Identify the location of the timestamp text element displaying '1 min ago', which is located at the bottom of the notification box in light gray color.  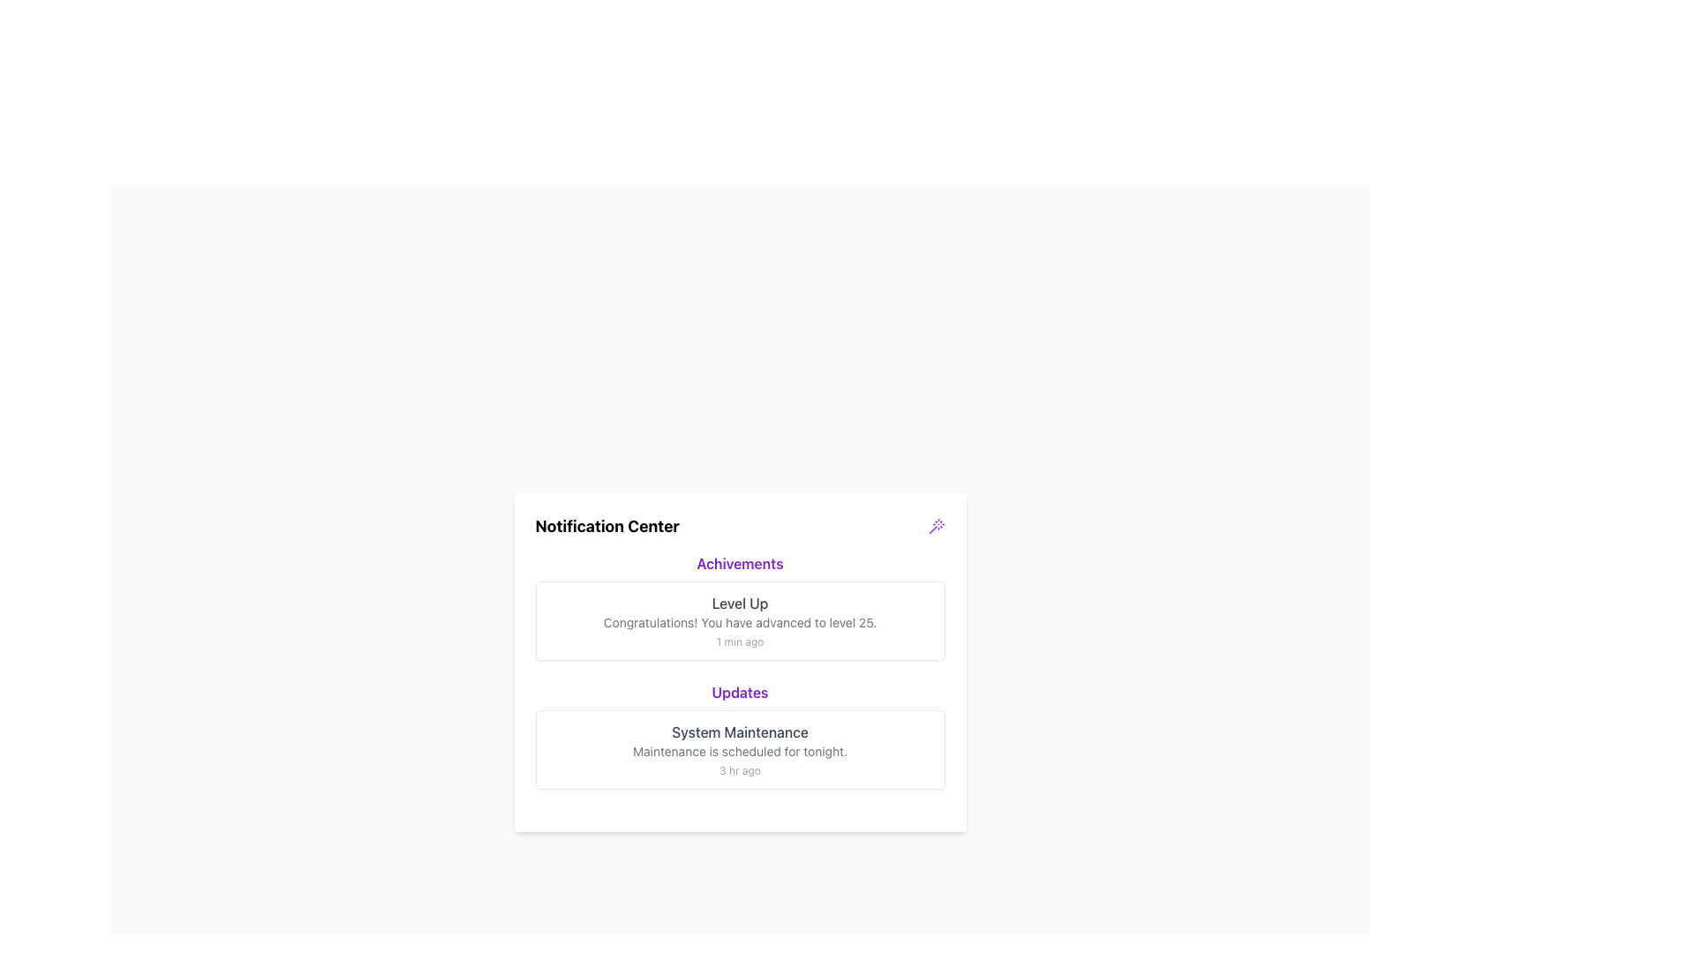
(740, 642).